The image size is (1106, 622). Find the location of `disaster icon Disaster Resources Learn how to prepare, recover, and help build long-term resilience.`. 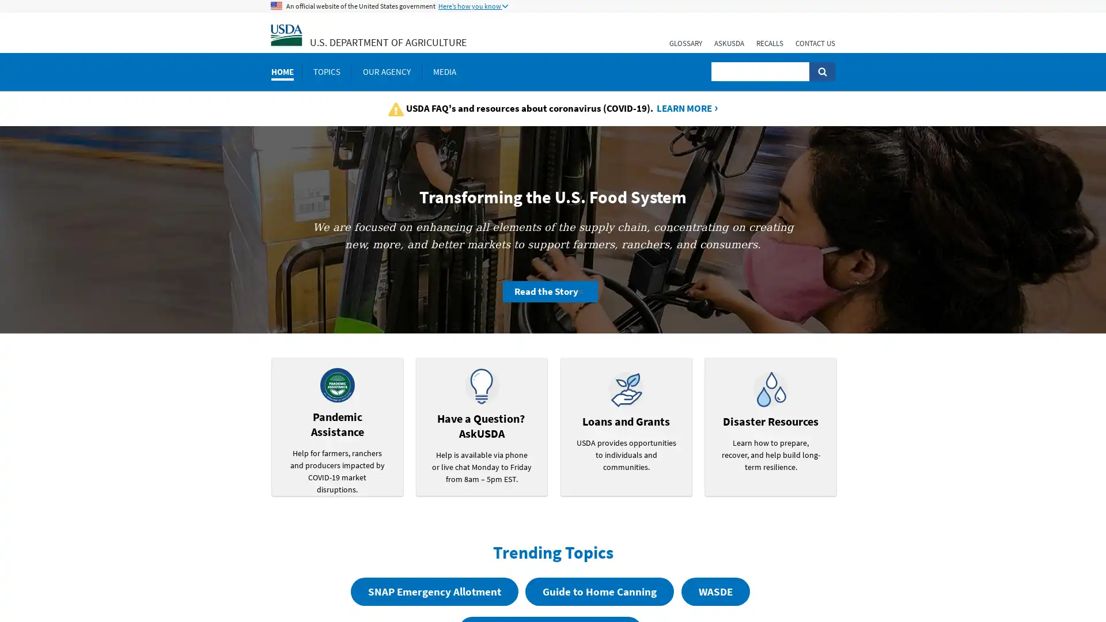

disaster icon Disaster Resources Learn how to prepare, recover, and help build long-term resilience. is located at coordinates (770, 426).